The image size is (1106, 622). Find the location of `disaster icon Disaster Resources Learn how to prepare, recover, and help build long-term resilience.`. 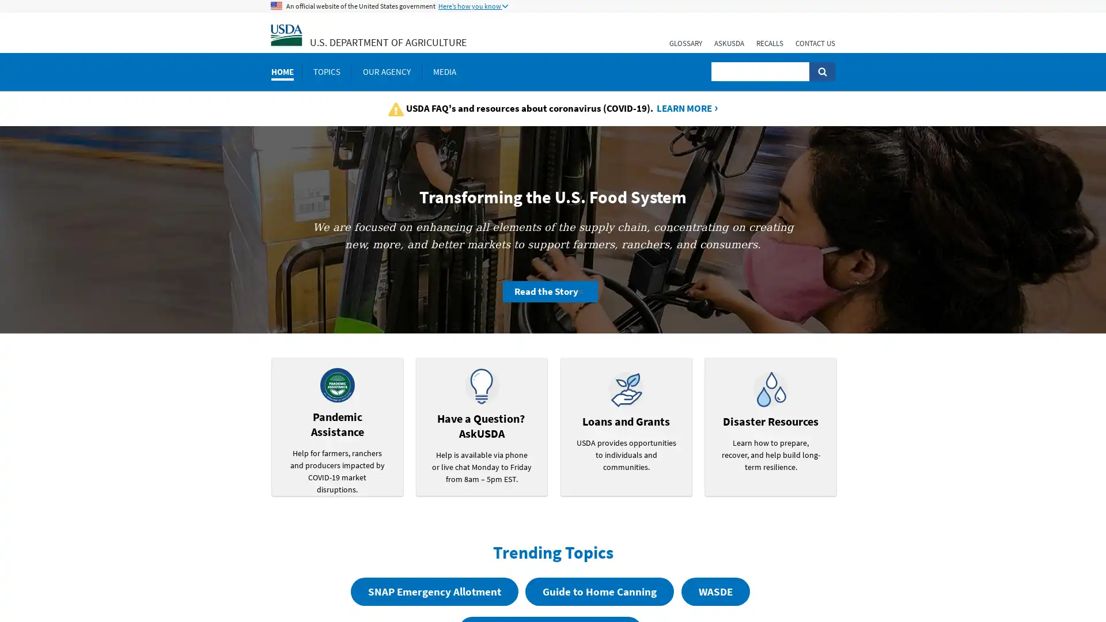

disaster icon Disaster Resources Learn how to prepare, recover, and help build long-term resilience. is located at coordinates (770, 426).